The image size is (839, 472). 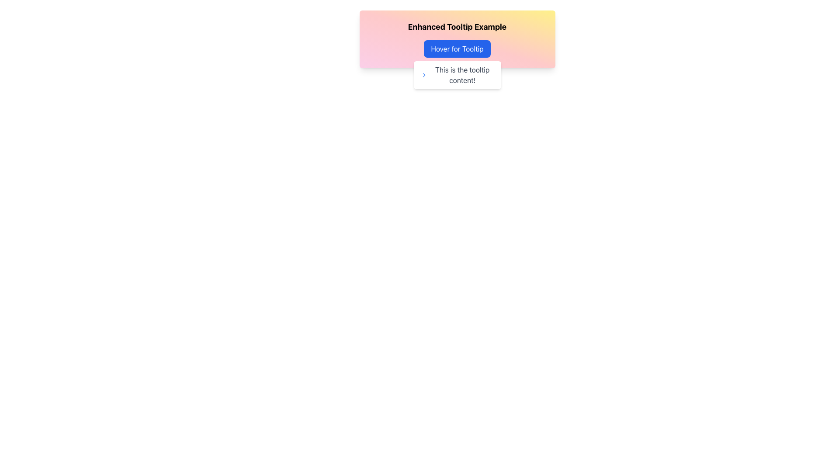 I want to click on the button that triggers a tooltip, located centrally beneath the 'Enhanced Tooltip Example' header text, so click(x=457, y=49).